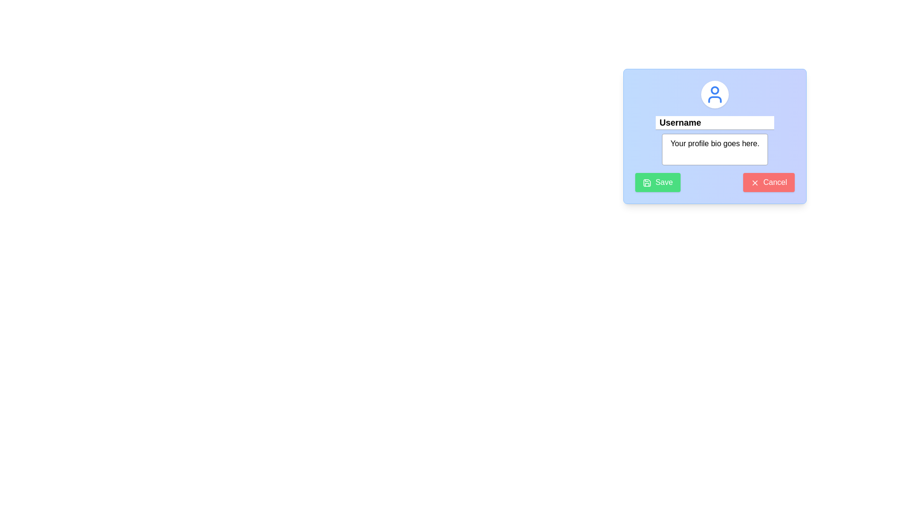  I want to click on the circular static icon with a blue outline of a user figure, located at the top center of the interface above the 'Username' text field, so click(715, 94).